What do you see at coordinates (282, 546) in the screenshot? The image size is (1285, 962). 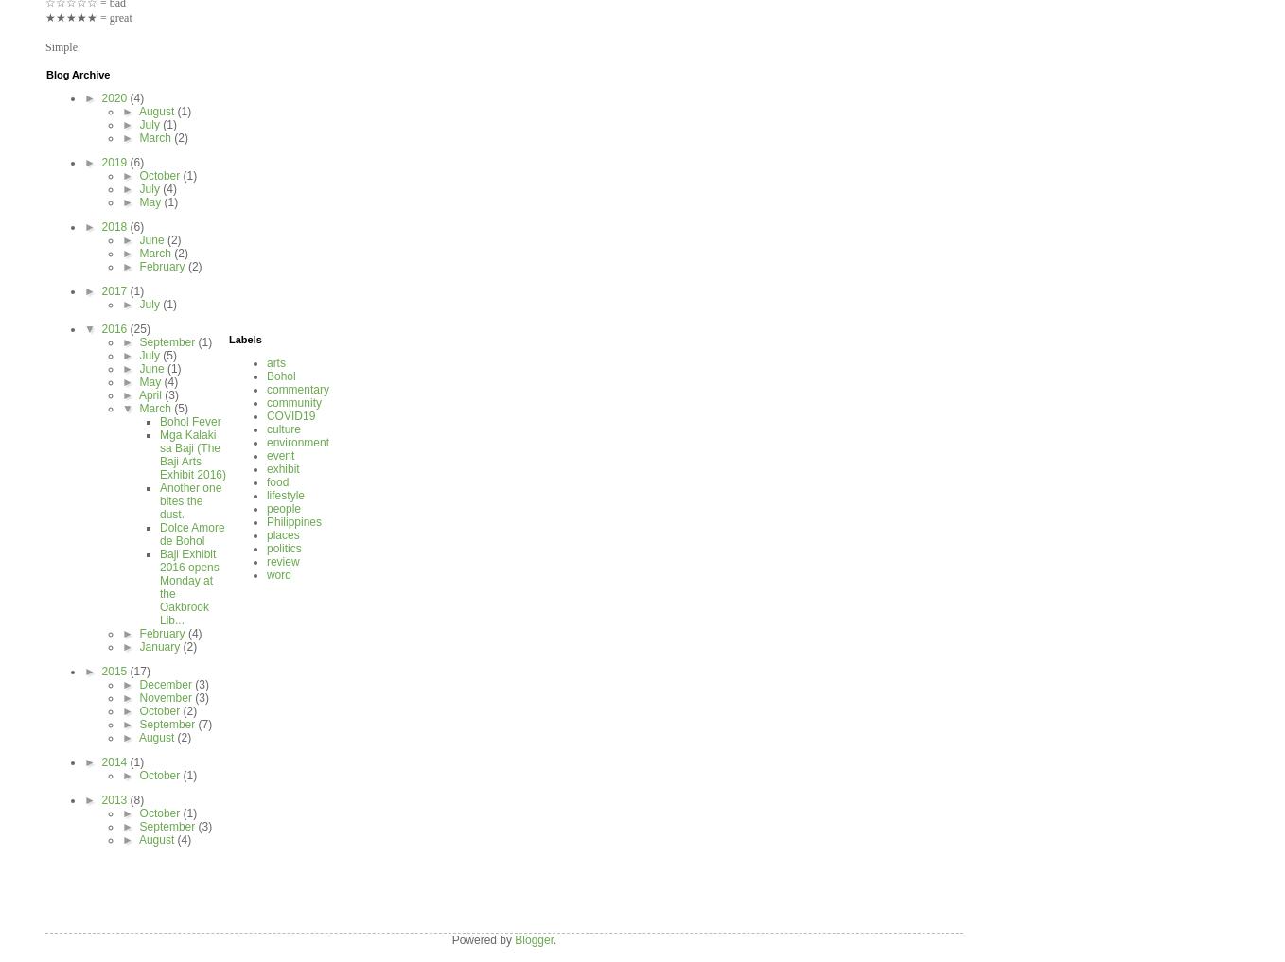 I see `'politics'` at bounding box center [282, 546].